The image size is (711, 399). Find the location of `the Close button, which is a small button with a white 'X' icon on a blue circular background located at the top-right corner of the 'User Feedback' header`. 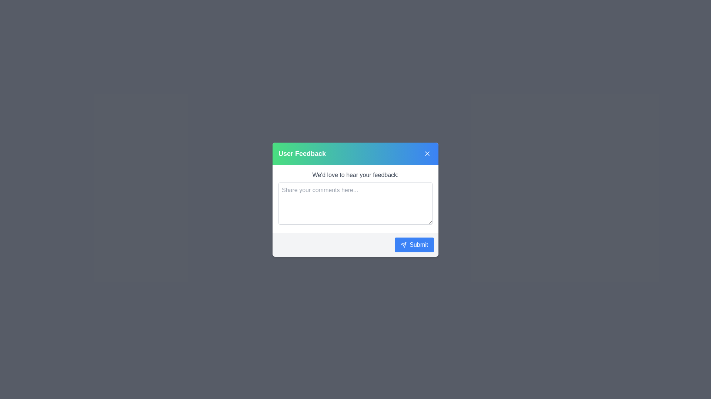

the Close button, which is a small button with a white 'X' icon on a blue circular background located at the top-right corner of the 'User Feedback' header is located at coordinates (427, 153).